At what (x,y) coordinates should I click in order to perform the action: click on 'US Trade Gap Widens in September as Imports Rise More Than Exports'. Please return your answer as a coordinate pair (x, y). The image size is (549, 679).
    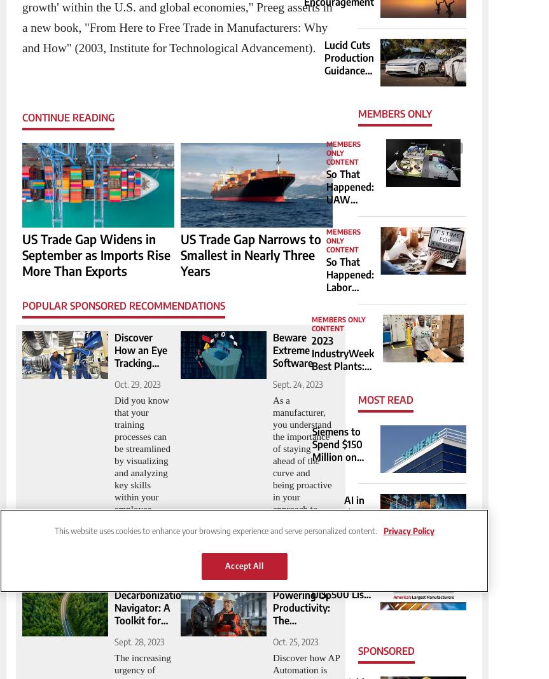
    Looking at the image, I should click on (95, 254).